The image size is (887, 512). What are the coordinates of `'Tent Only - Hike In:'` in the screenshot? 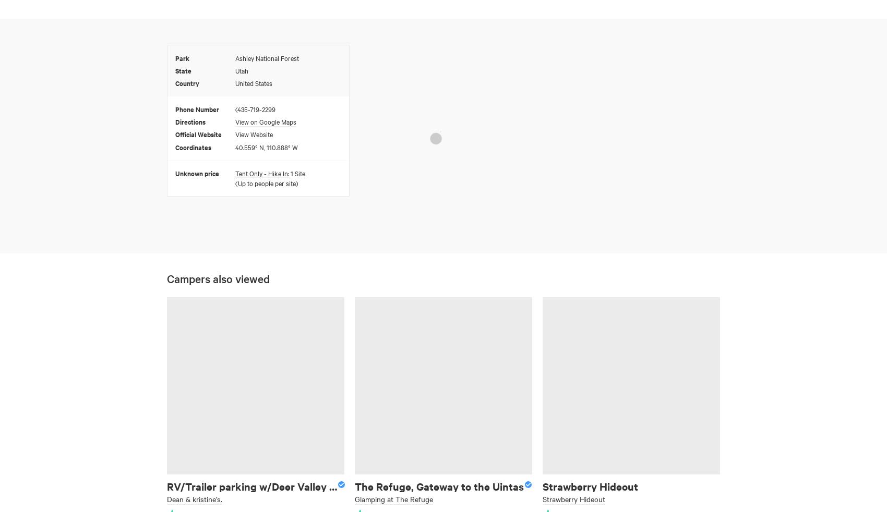 It's located at (235, 173).